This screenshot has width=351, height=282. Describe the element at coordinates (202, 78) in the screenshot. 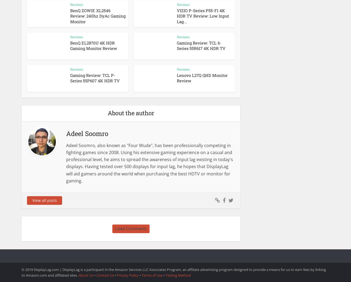

I see `'Lenovo L27Q QHD Monitor Review'` at that location.